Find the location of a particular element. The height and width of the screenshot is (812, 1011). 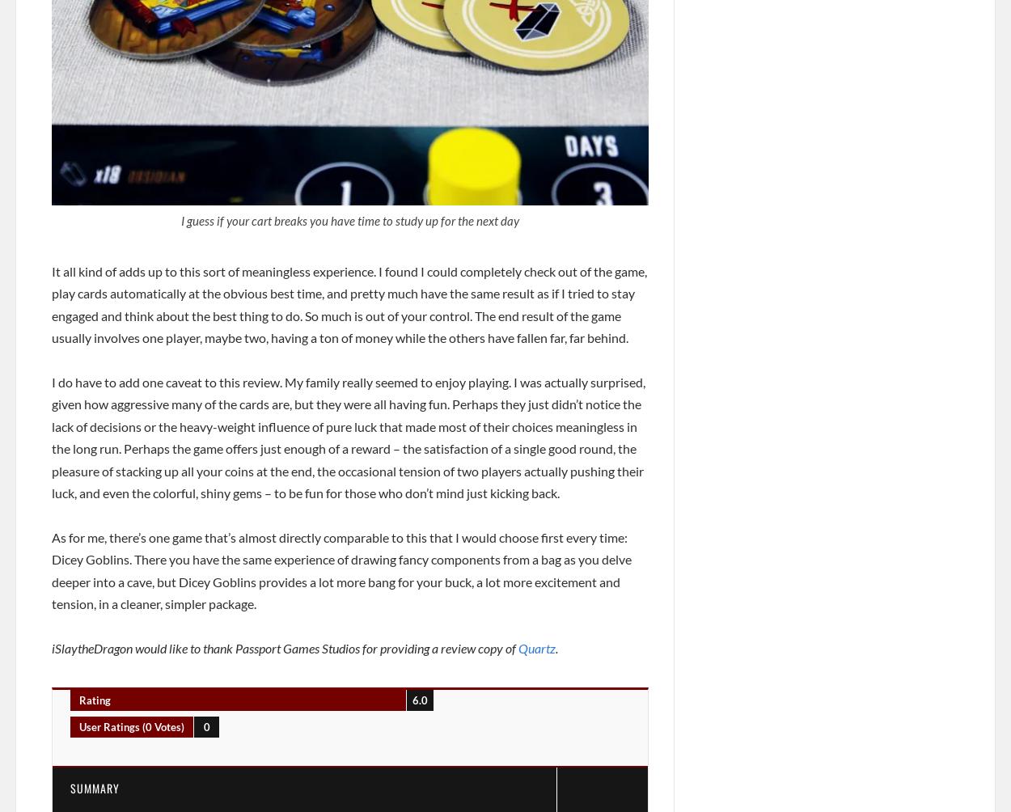

'Summary' is located at coordinates (70, 787).